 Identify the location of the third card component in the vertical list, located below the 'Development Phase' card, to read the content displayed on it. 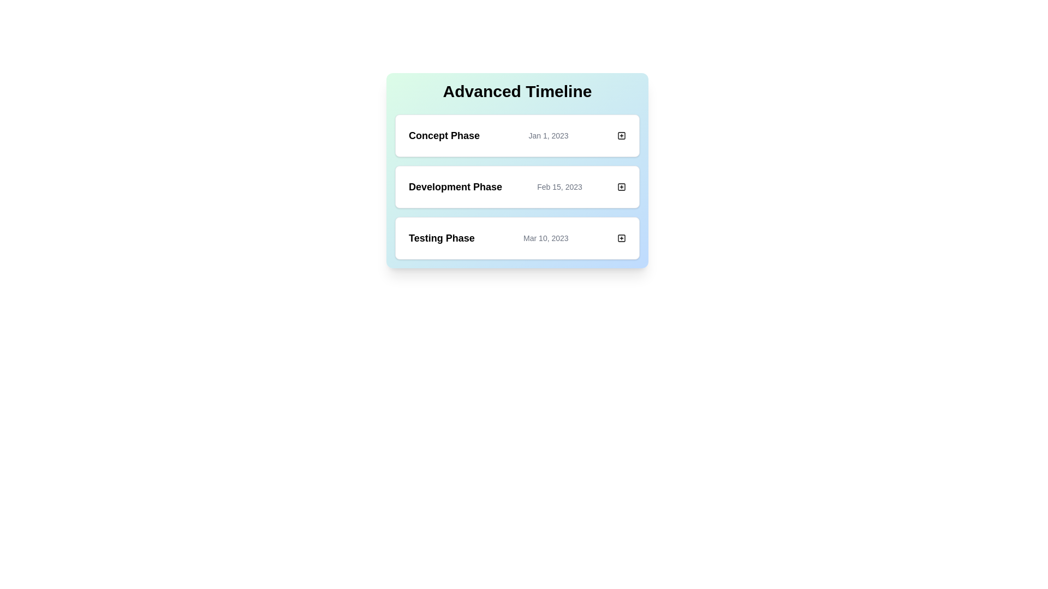
(517, 237).